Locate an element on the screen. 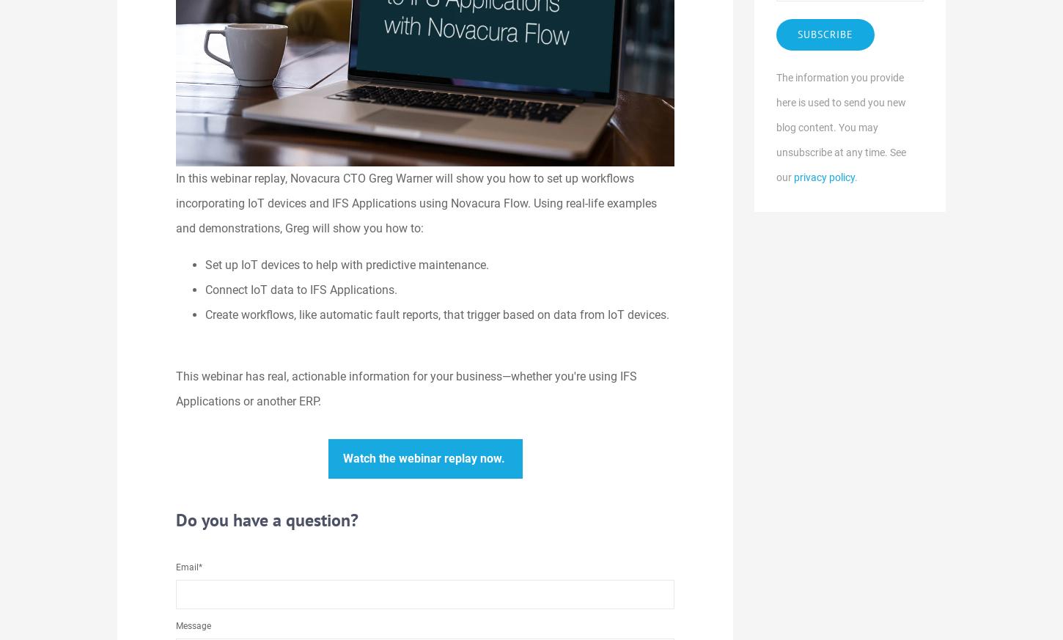  'Email' is located at coordinates (187, 566).